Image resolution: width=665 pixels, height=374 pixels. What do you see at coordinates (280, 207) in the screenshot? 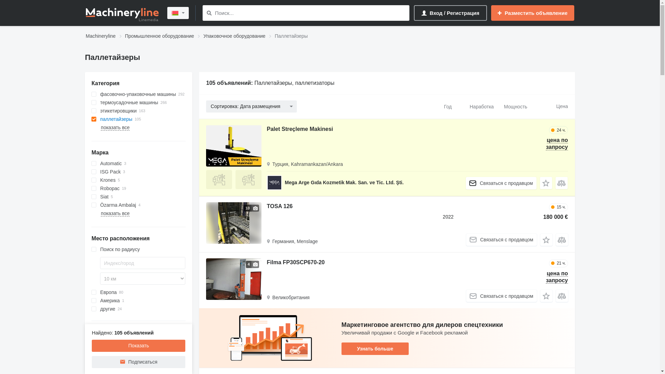
I see `'TOSA 126'` at bounding box center [280, 207].